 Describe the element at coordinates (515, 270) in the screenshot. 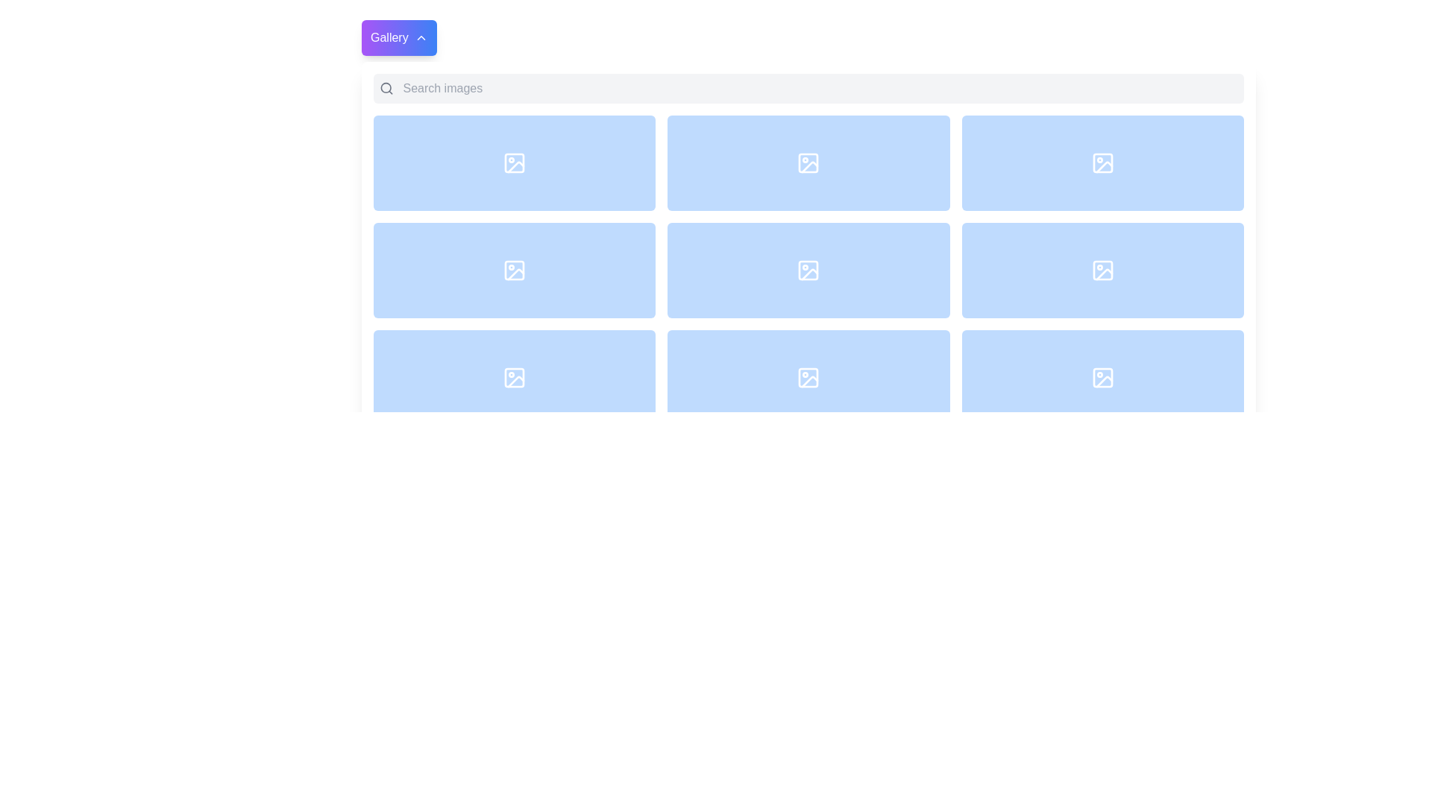

I see `the icon representing an image within the middle row of a grid layout, which serves as a graphical component or placeholder` at that location.